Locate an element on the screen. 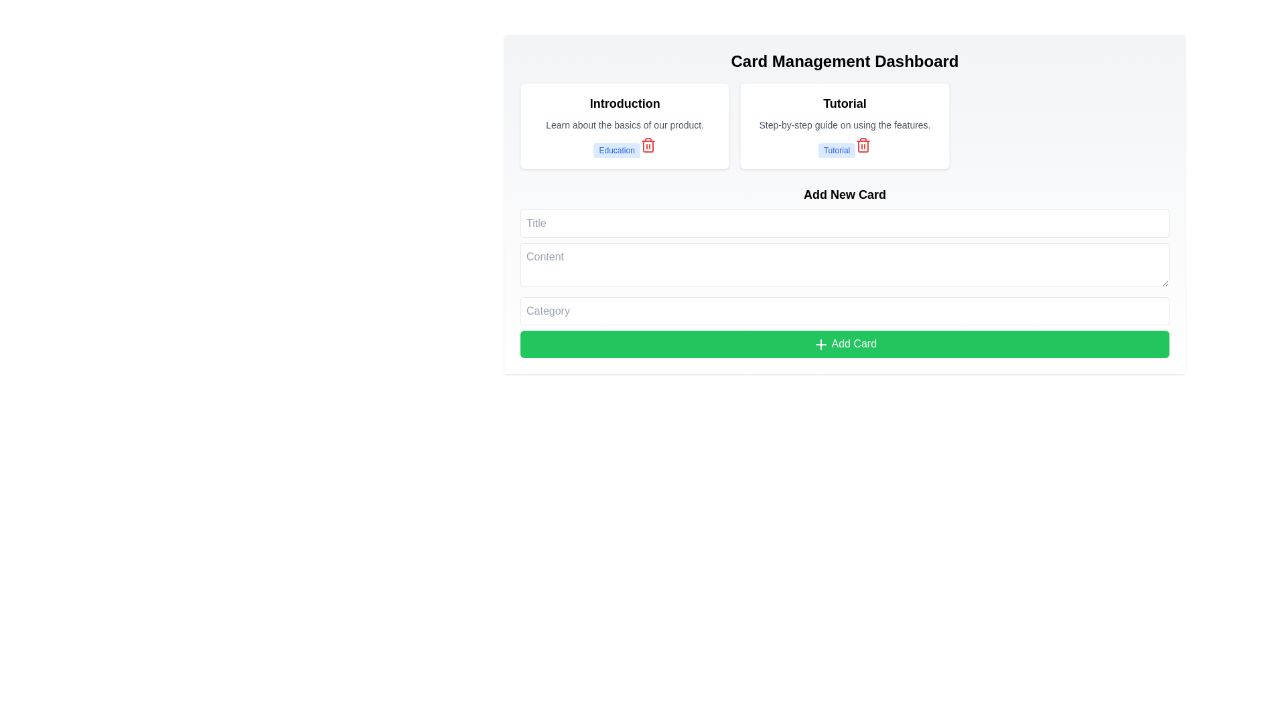  the text element styled in a smaller gray font that reads 'Learn about the basics of our product', positioned beneath the 'Introduction' heading and above the 'Education' tag is located at coordinates (624, 125).